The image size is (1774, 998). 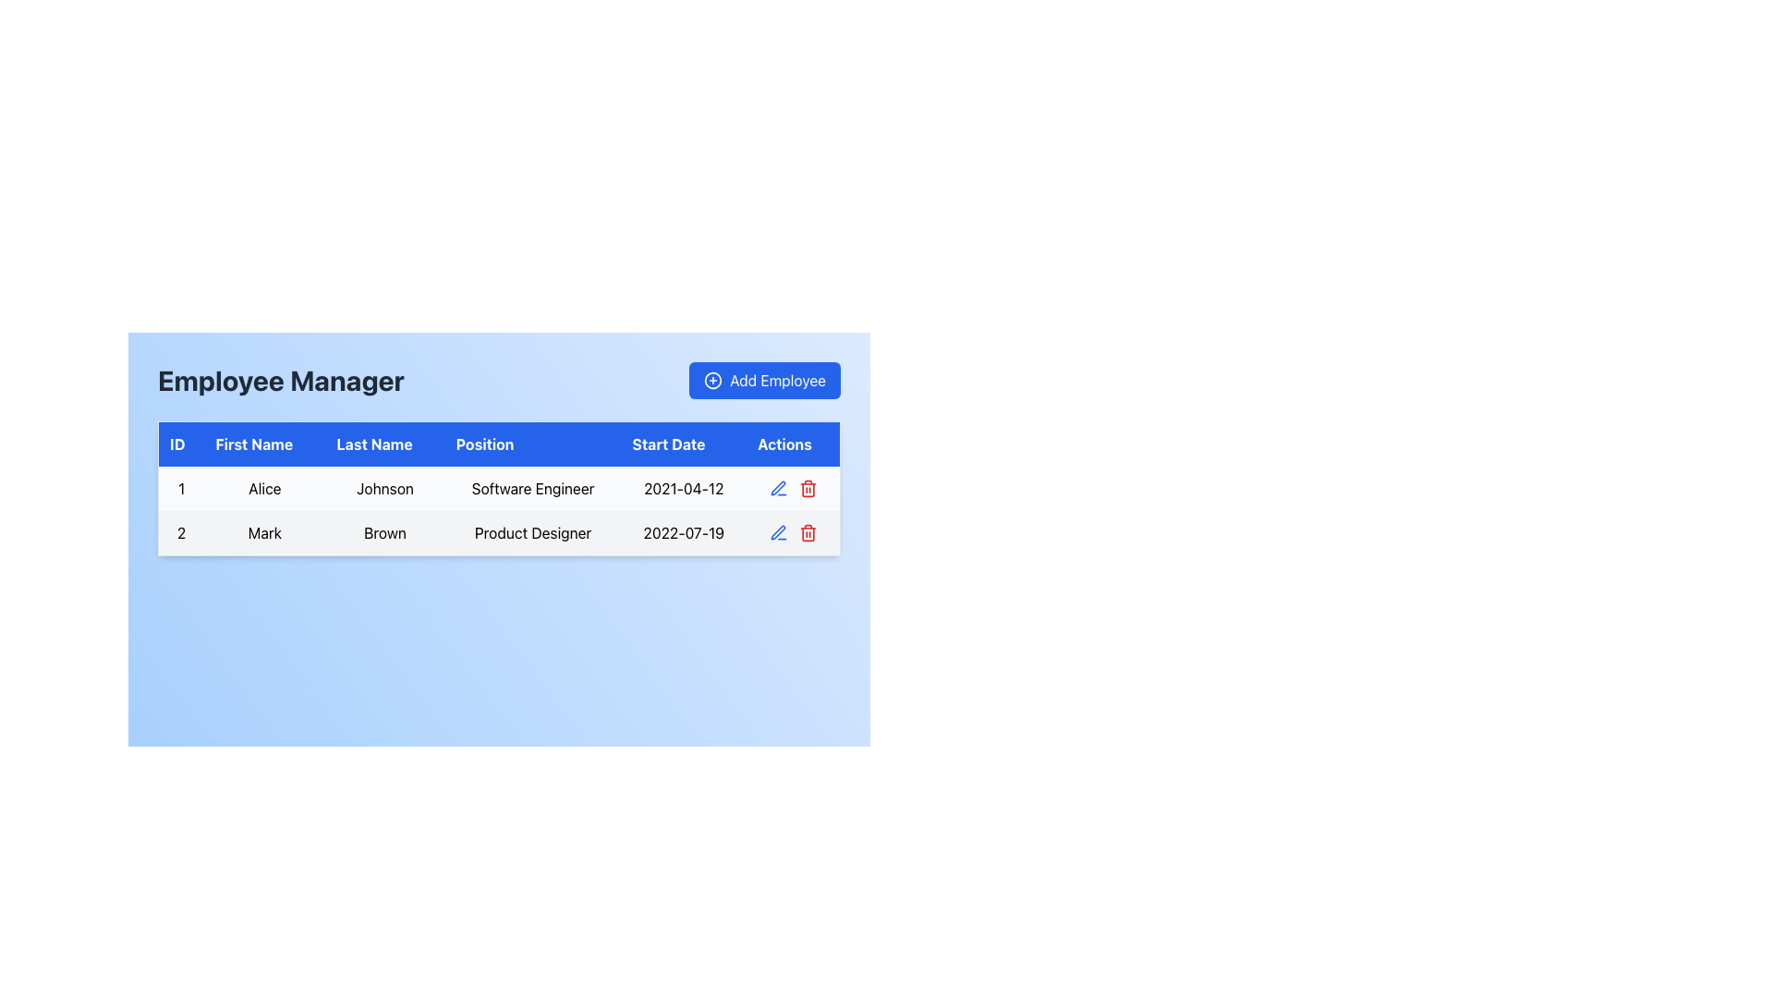 I want to click on static text label for the 'Last Name' column in the data table, which is located in the header row styled with a blue background and white text, so click(x=384, y=444).